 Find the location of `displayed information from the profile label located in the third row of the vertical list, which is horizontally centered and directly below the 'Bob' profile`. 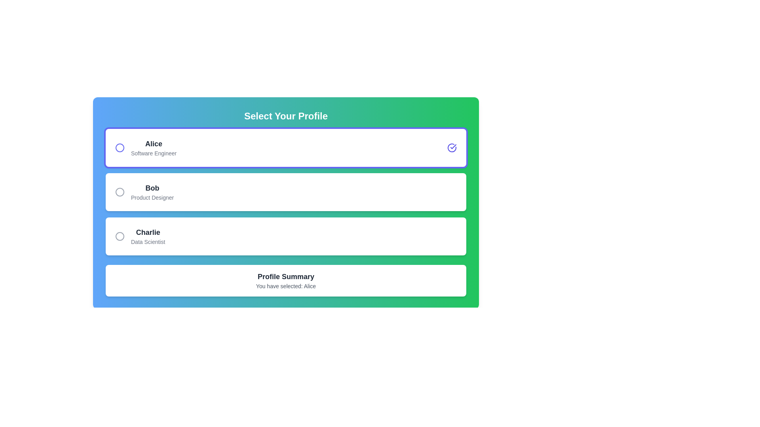

displayed information from the profile label located in the third row of the vertical list, which is horizontally centered and directly below the 'Bob' profile is located at coordinates (148, 236).